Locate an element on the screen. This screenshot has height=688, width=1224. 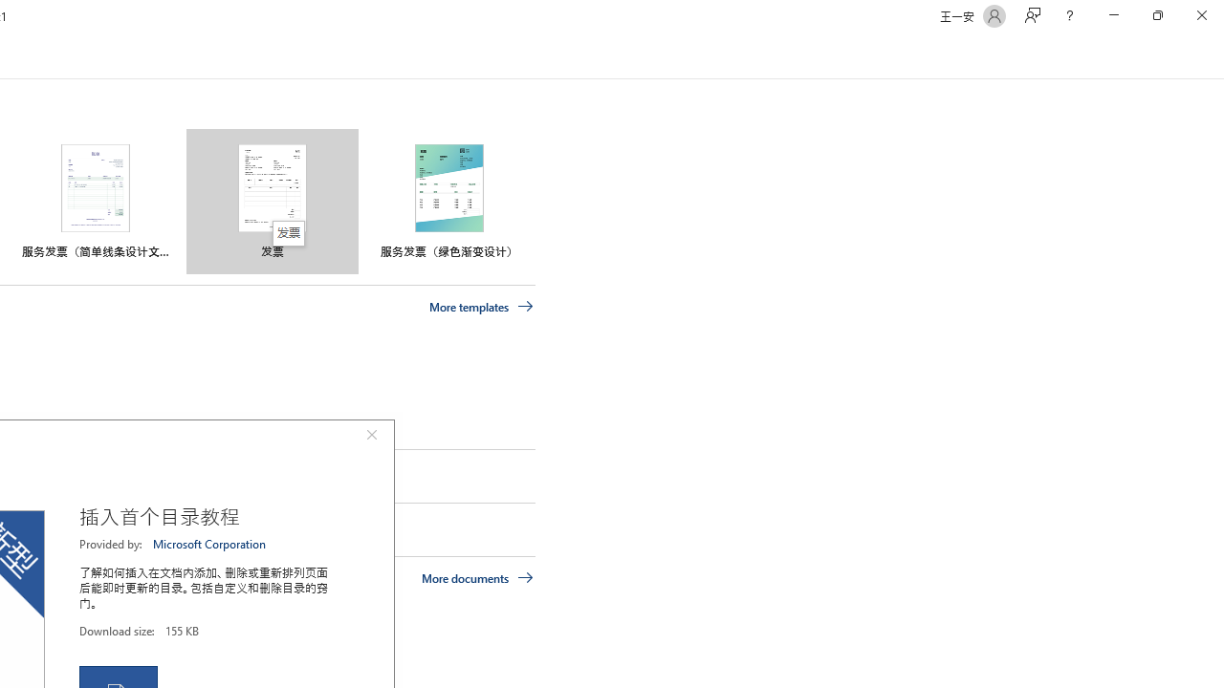
'More documents' is located at coordinates (477, 576).